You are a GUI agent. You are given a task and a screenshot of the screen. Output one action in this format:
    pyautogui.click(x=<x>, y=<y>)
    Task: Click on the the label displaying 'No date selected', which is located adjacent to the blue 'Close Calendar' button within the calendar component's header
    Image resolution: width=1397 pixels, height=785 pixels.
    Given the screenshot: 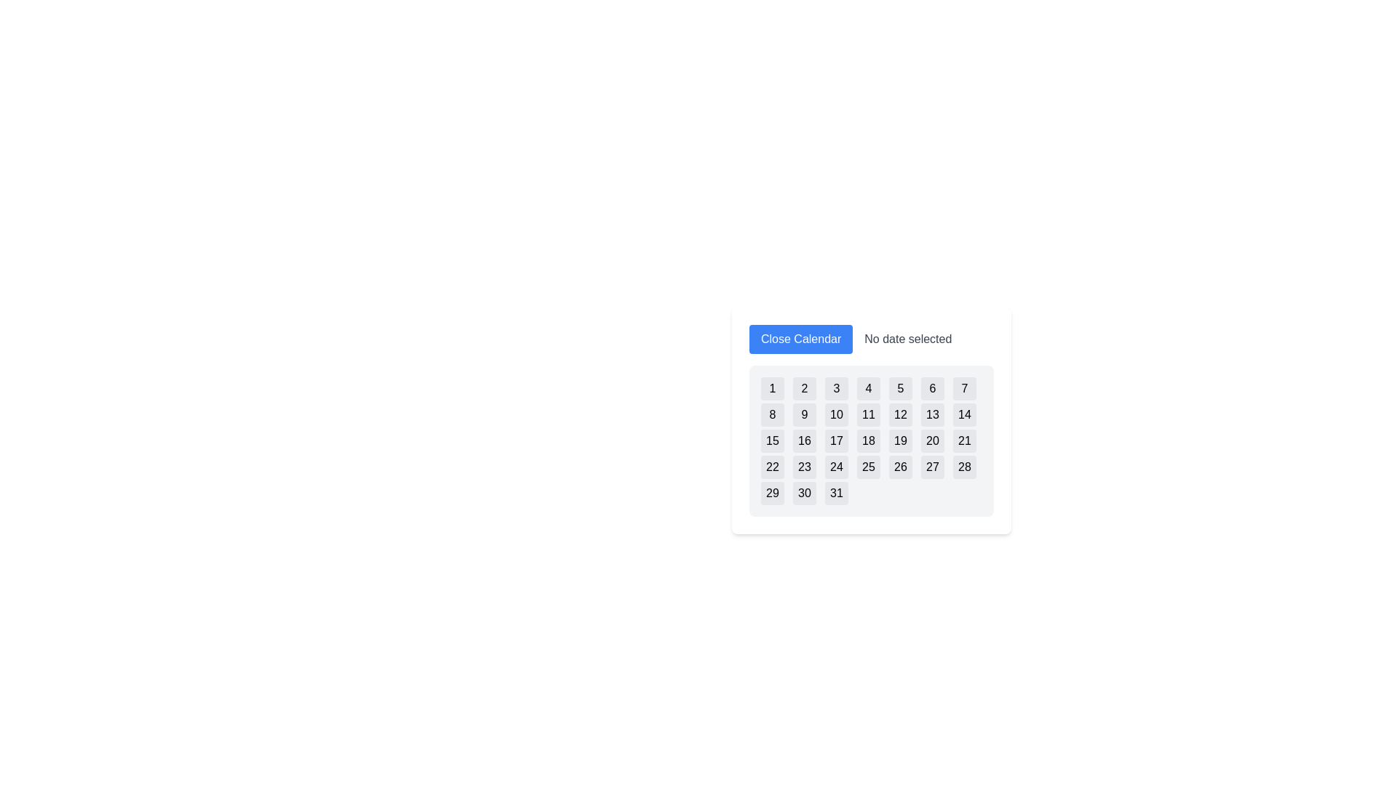 What is the action you would take?
    pyautogui.click(x=872, y=339)
    